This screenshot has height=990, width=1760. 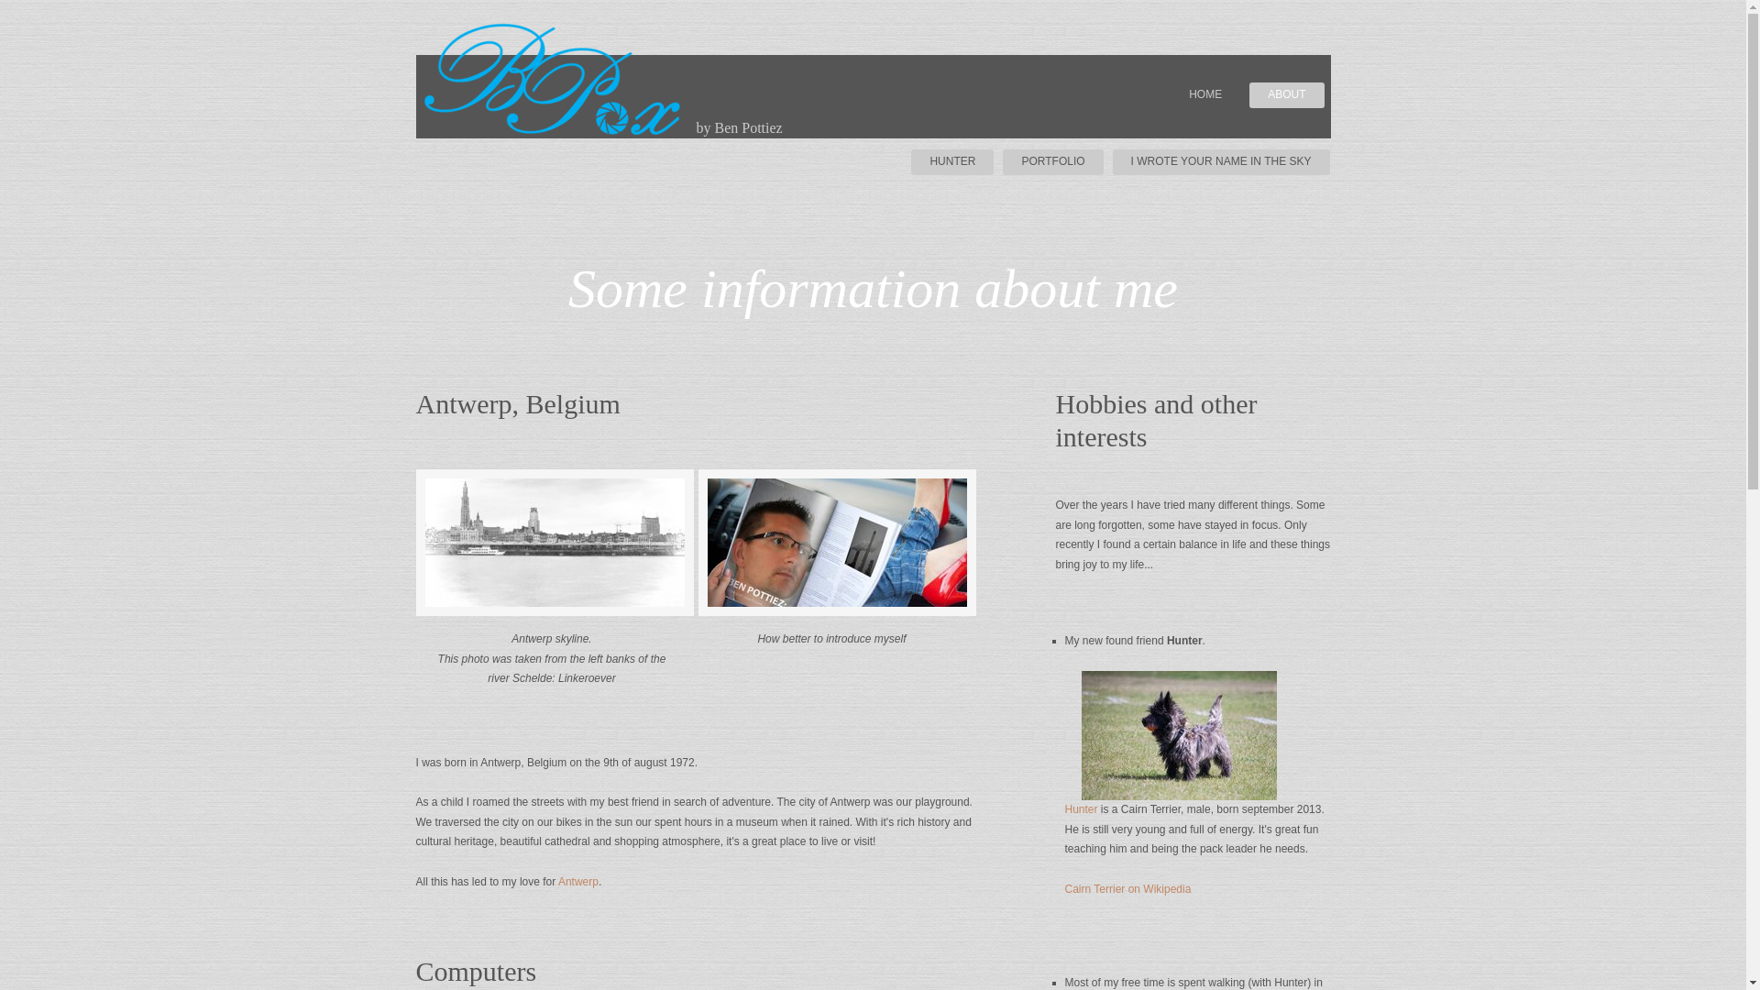 I want to click on 'ABOUT', so click(x=1248, y=95).